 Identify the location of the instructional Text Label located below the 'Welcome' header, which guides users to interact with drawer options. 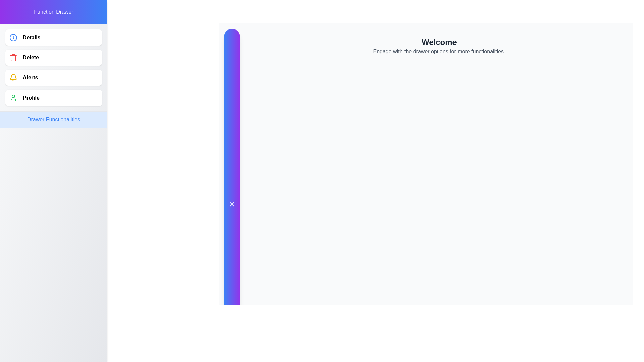
(439, 51).